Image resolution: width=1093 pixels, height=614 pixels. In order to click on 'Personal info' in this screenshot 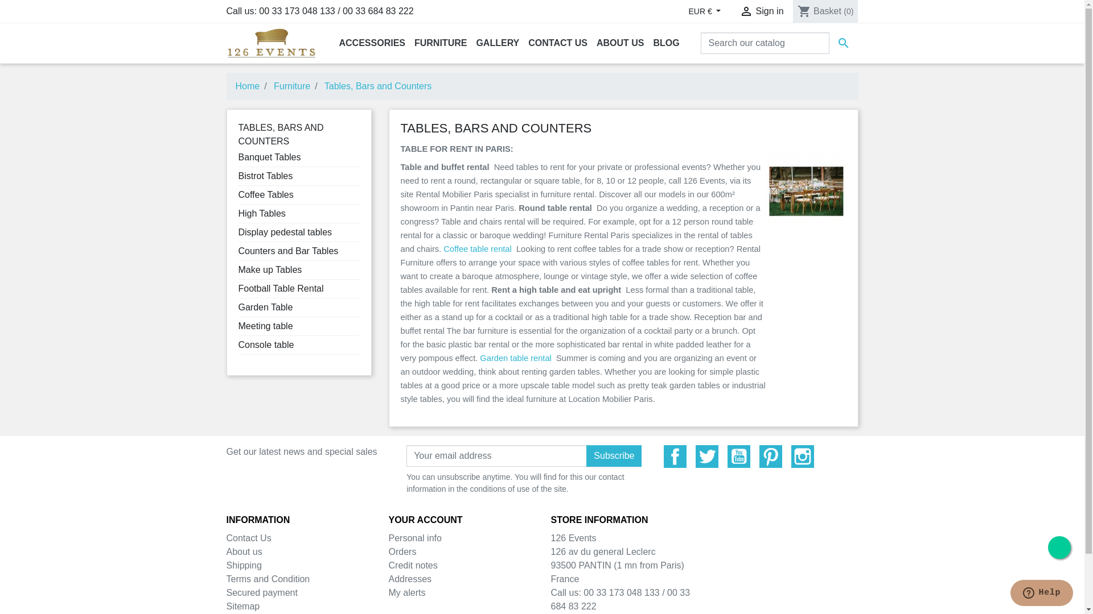, I will do `click(388, 537)`.